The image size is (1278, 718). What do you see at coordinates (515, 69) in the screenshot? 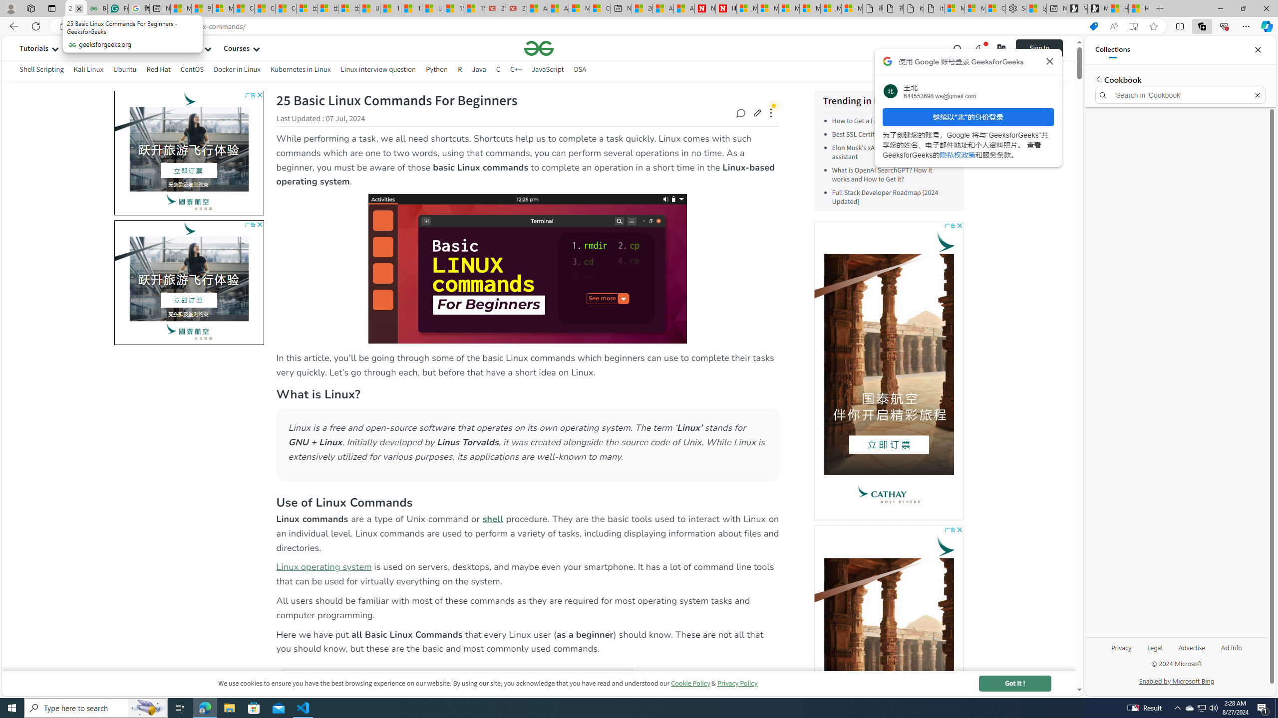
I see `'C++'` at bounding box center [515, 69].